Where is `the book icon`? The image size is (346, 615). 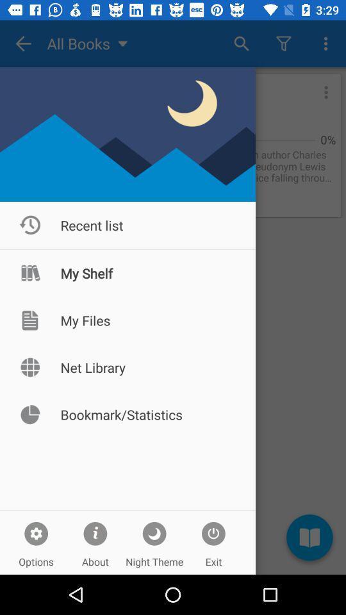 the book icon is located at coordinates (309, 539).